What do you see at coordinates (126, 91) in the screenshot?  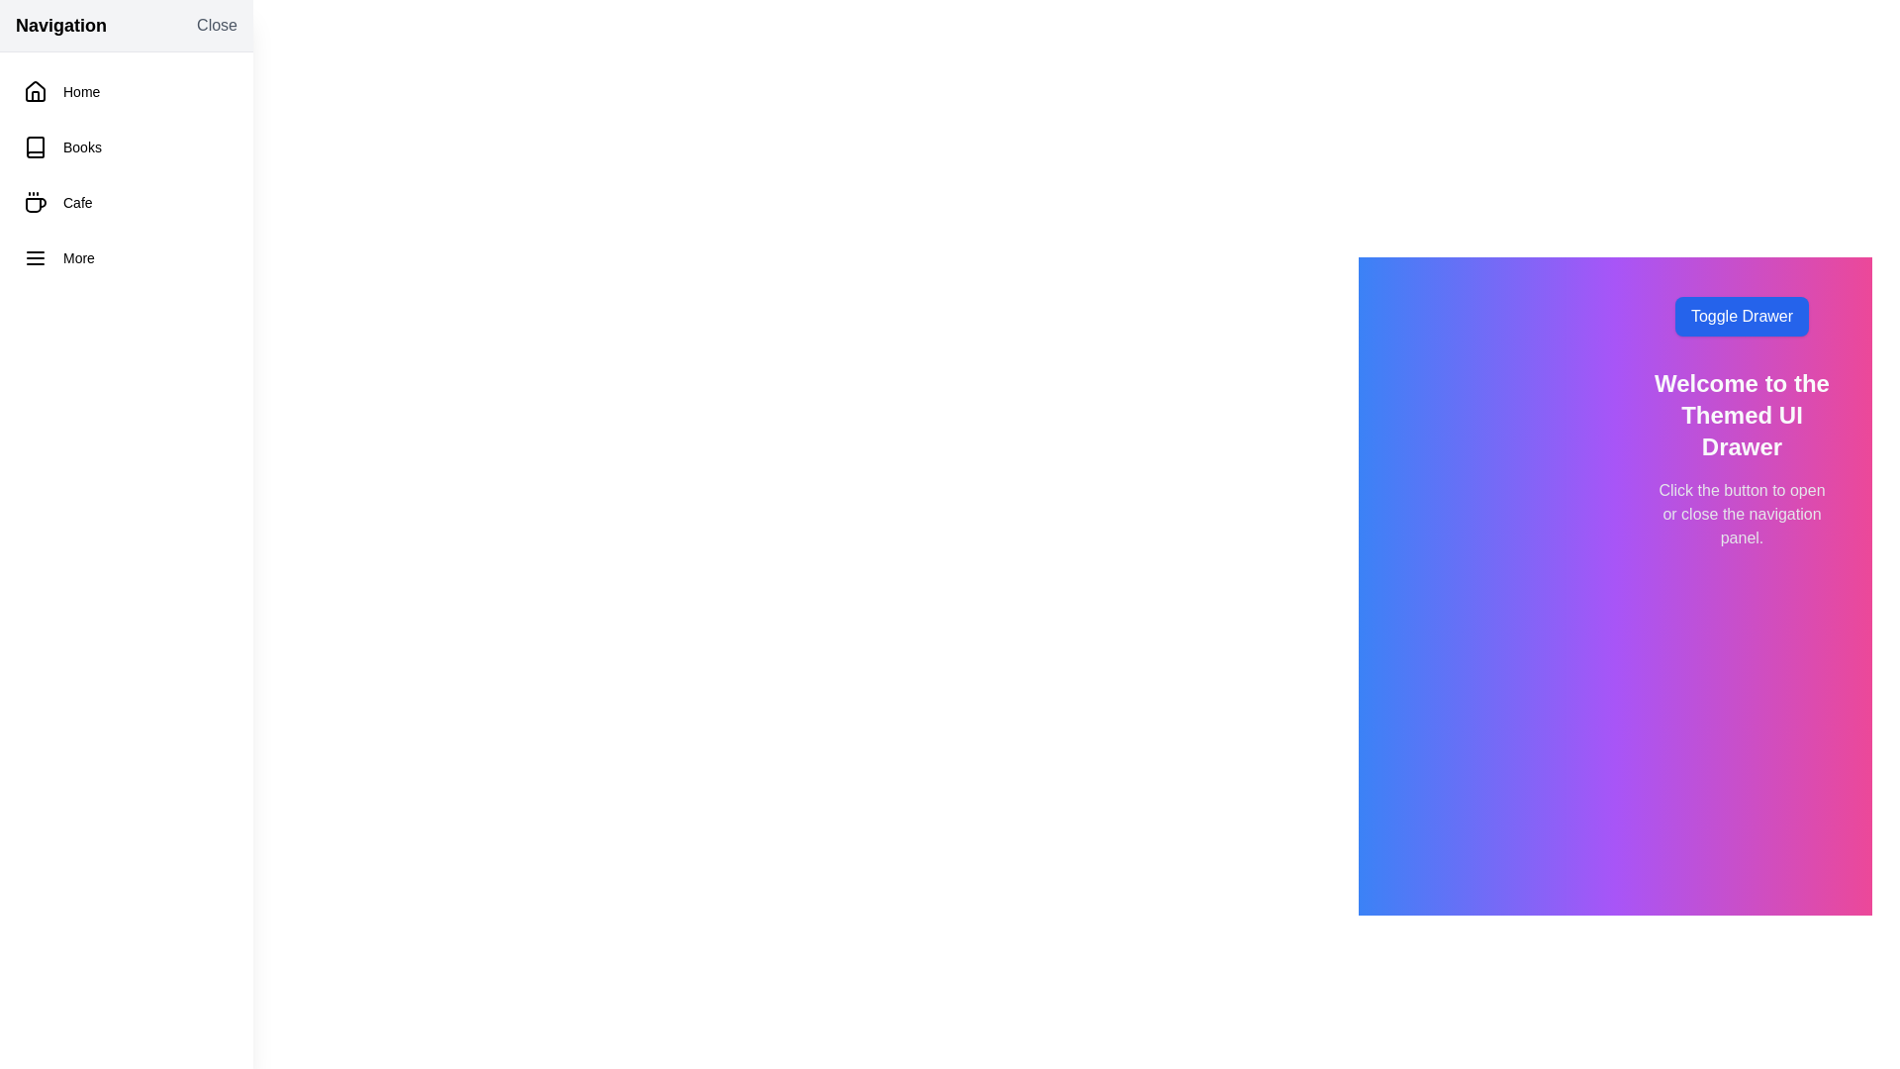 I see `the navigation item labeled 'Home'` at bounding box center [126, 91].